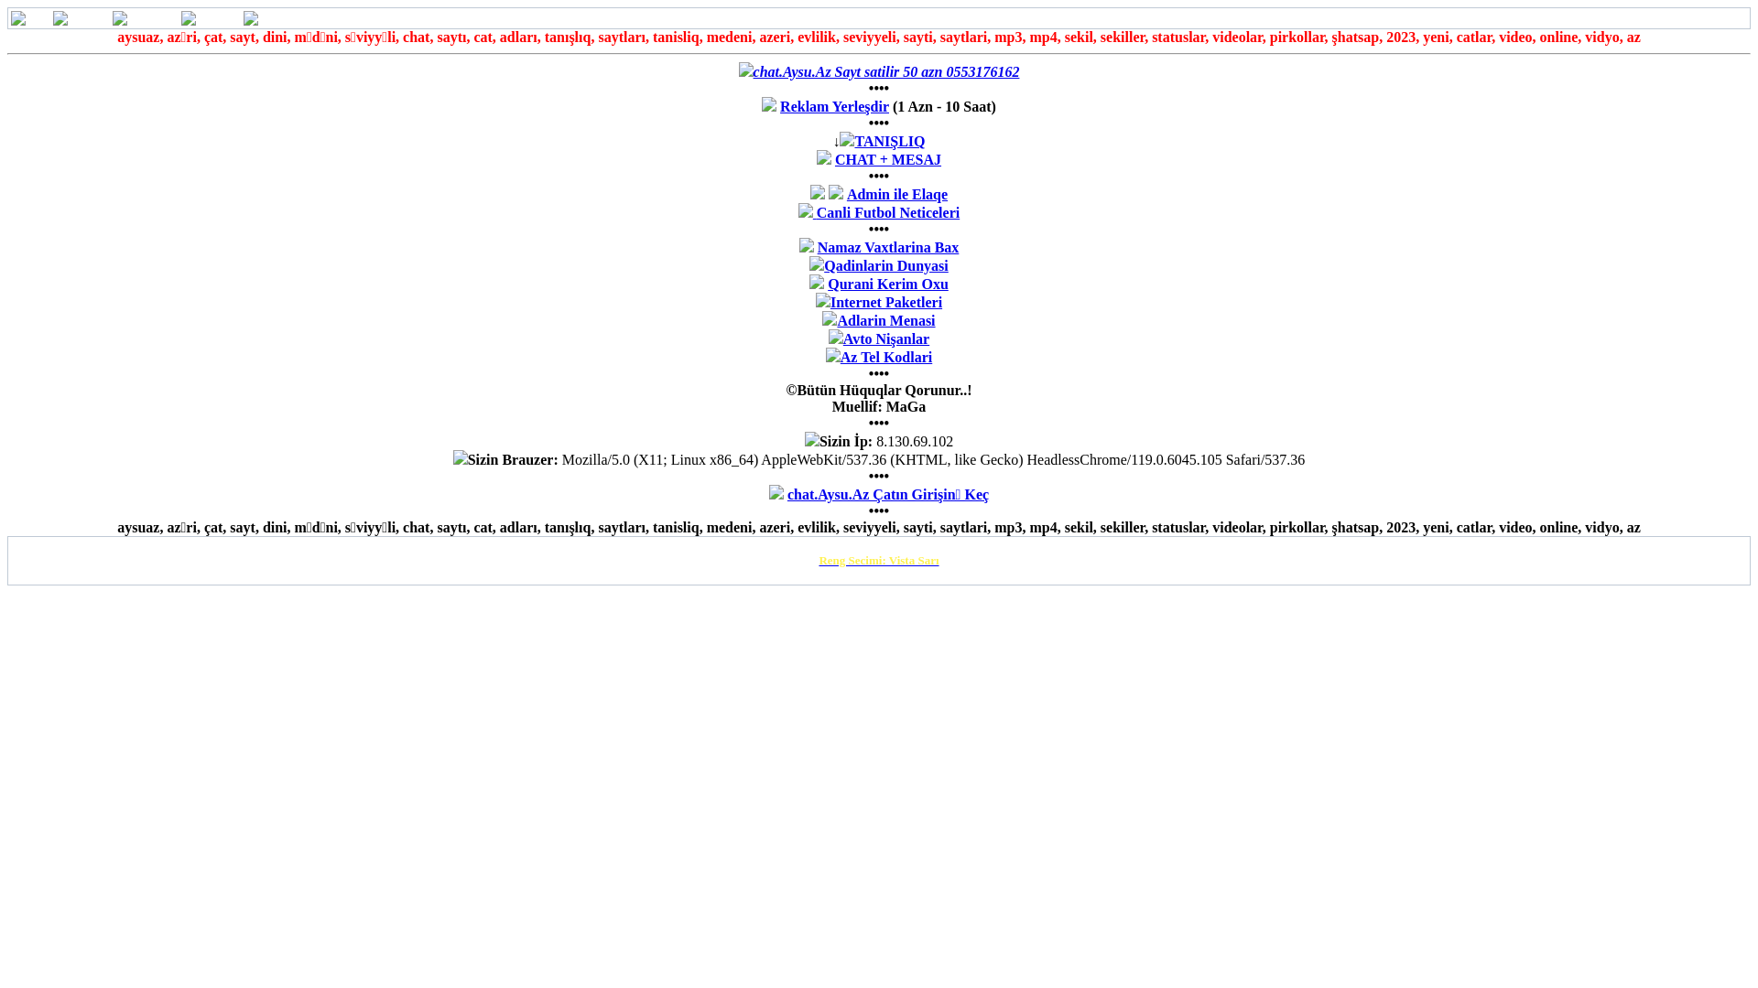 Image resolution: width=1758 pixels, height=988 pixels. Describe the element at coordinates (887, 158) in the screenshot. I see `'CHAT + MESAJ'` at that location.